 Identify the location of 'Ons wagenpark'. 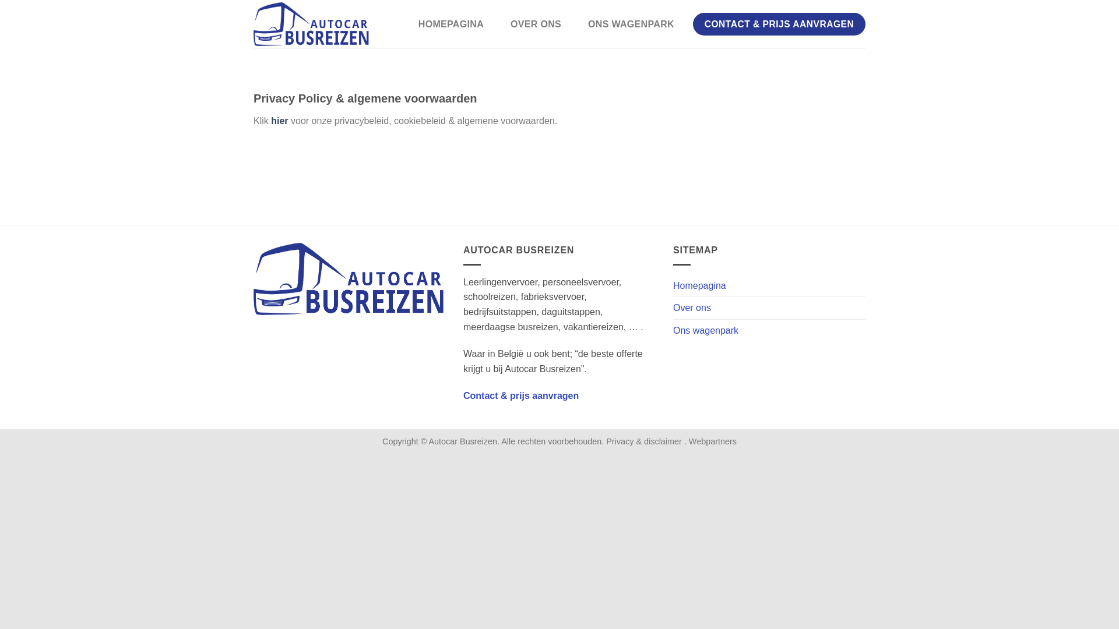
(705, 330).